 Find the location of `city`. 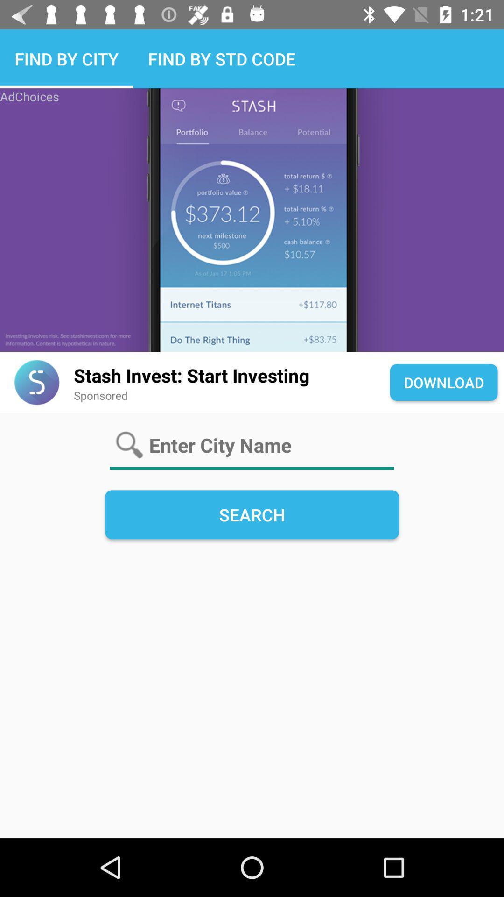

city is located at coordinates (252, 445).